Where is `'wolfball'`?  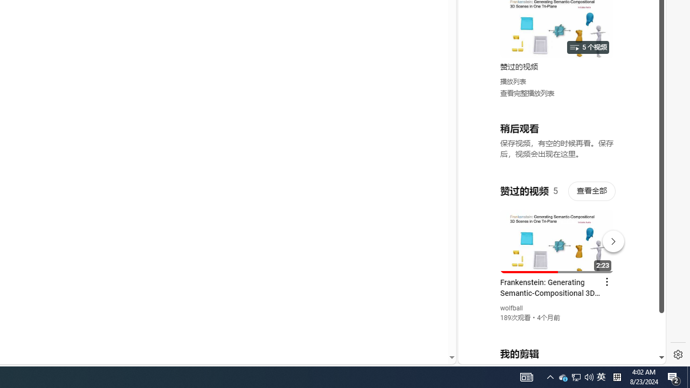 'wolfball' is located at coordinates (511, 308).